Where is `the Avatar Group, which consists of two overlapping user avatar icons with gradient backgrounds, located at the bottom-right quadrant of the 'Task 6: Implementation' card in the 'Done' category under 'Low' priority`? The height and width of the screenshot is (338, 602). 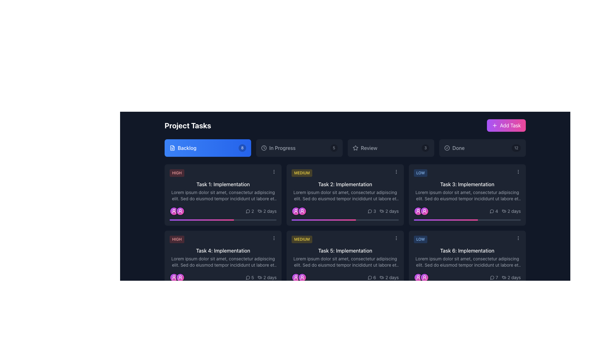
the Avatar Group, which consists of two overlapping user avatar icons with gradient backgrounds, located at the bottom-right quadrant of the 'Task 6: Implementation' card in the 'Done' category under 'Low' priority is located at coordinates (421, 277).